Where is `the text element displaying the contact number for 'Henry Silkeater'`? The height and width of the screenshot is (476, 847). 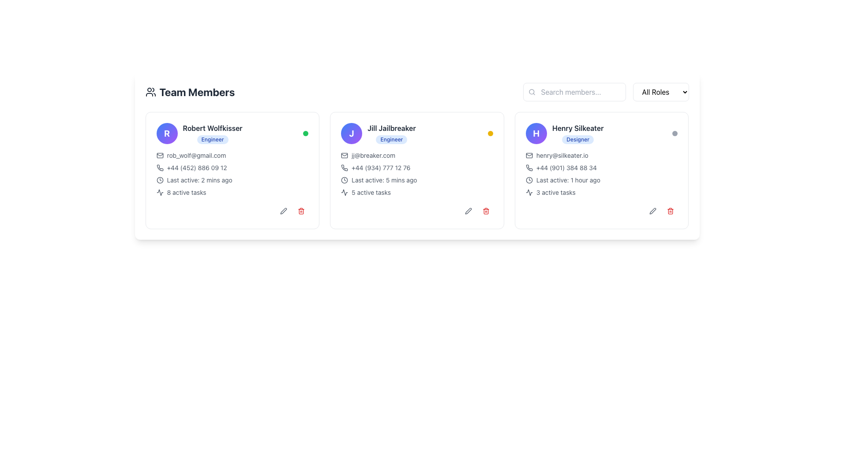
the text element displaying the contact number for 'Henry Silkeater' is located at coordinates (566, 168).